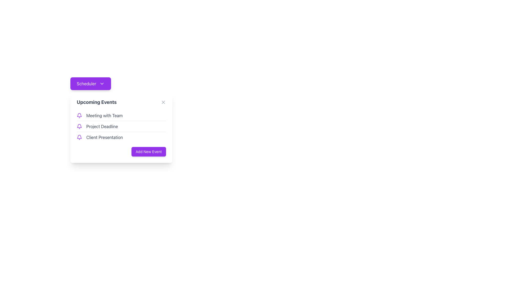  What do you see at coordinates (121, 115) in the screenshot?
I see `the first list item in the 'Upcoming Events' section, which features a purple notification icon and the text 'Meeting with Team'` at bounding box center [121, 115].